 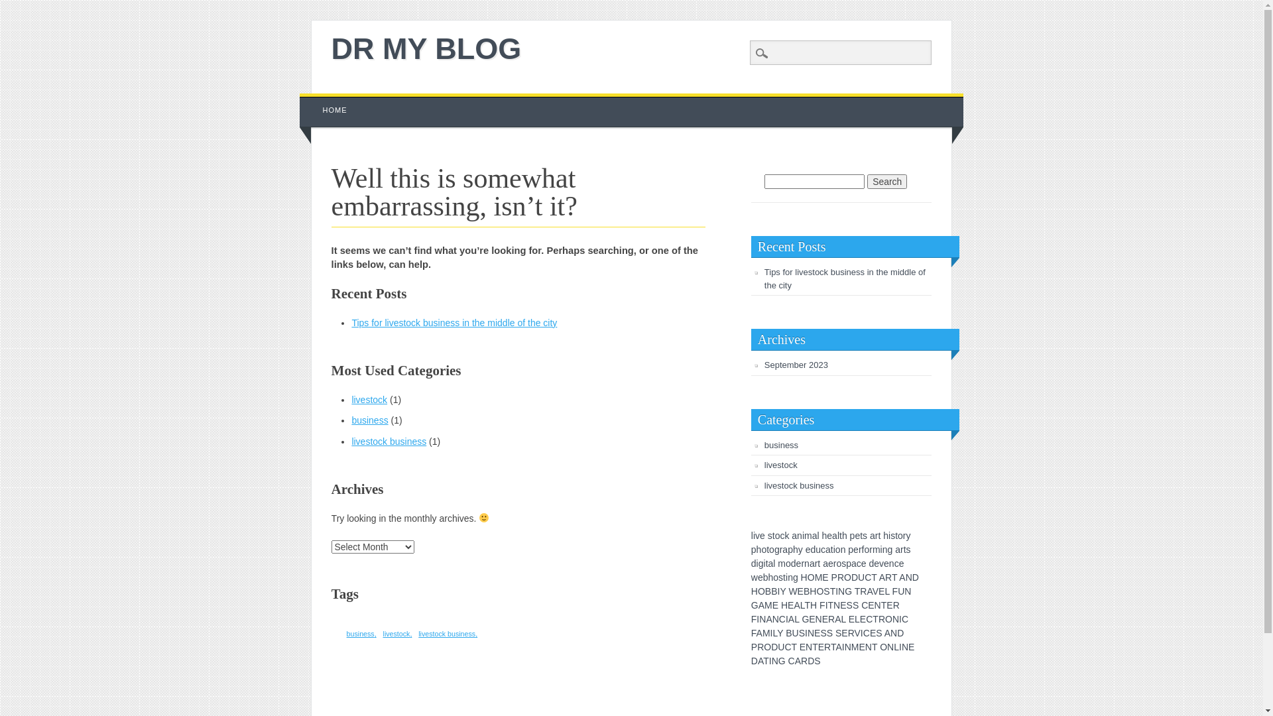 I want to click on 'E', so click(x=889, y=605).